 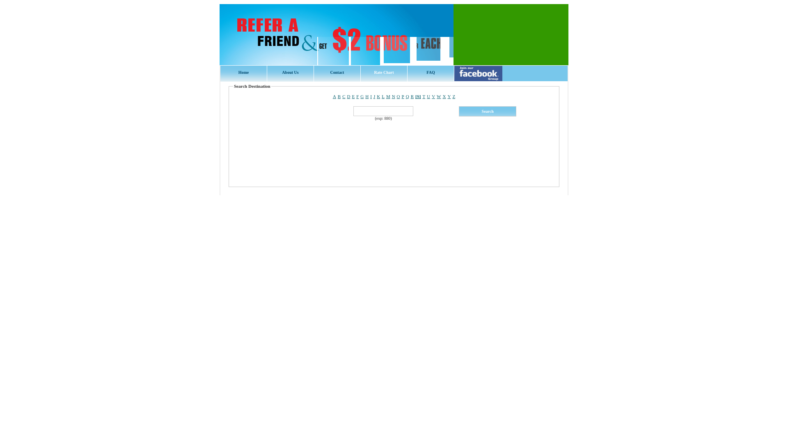 I want to click on 'U', so click(x=428, y=96).